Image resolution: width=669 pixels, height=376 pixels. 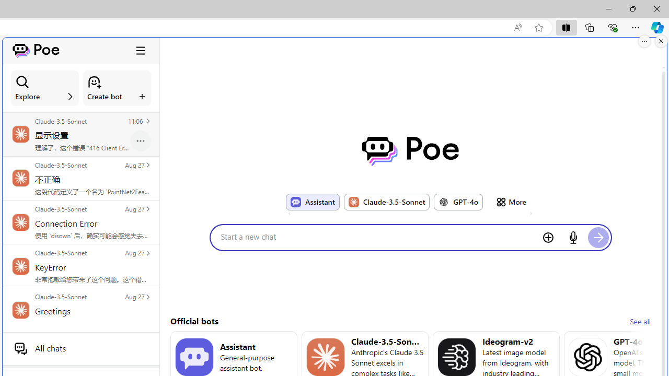 I want to click on 'See all', so click(x=639, y=321).